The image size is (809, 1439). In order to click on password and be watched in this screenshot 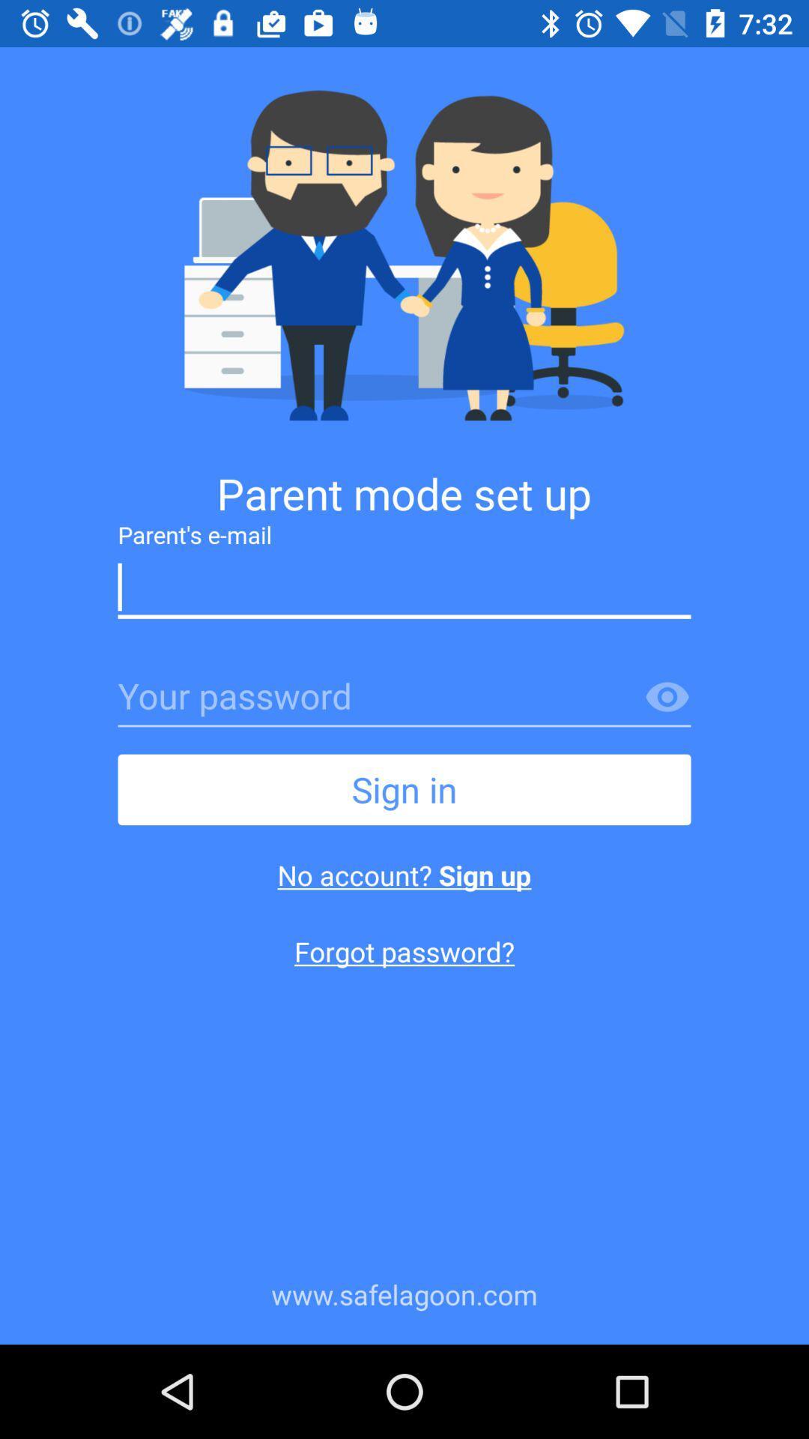, I will do `click(667, 697)`.